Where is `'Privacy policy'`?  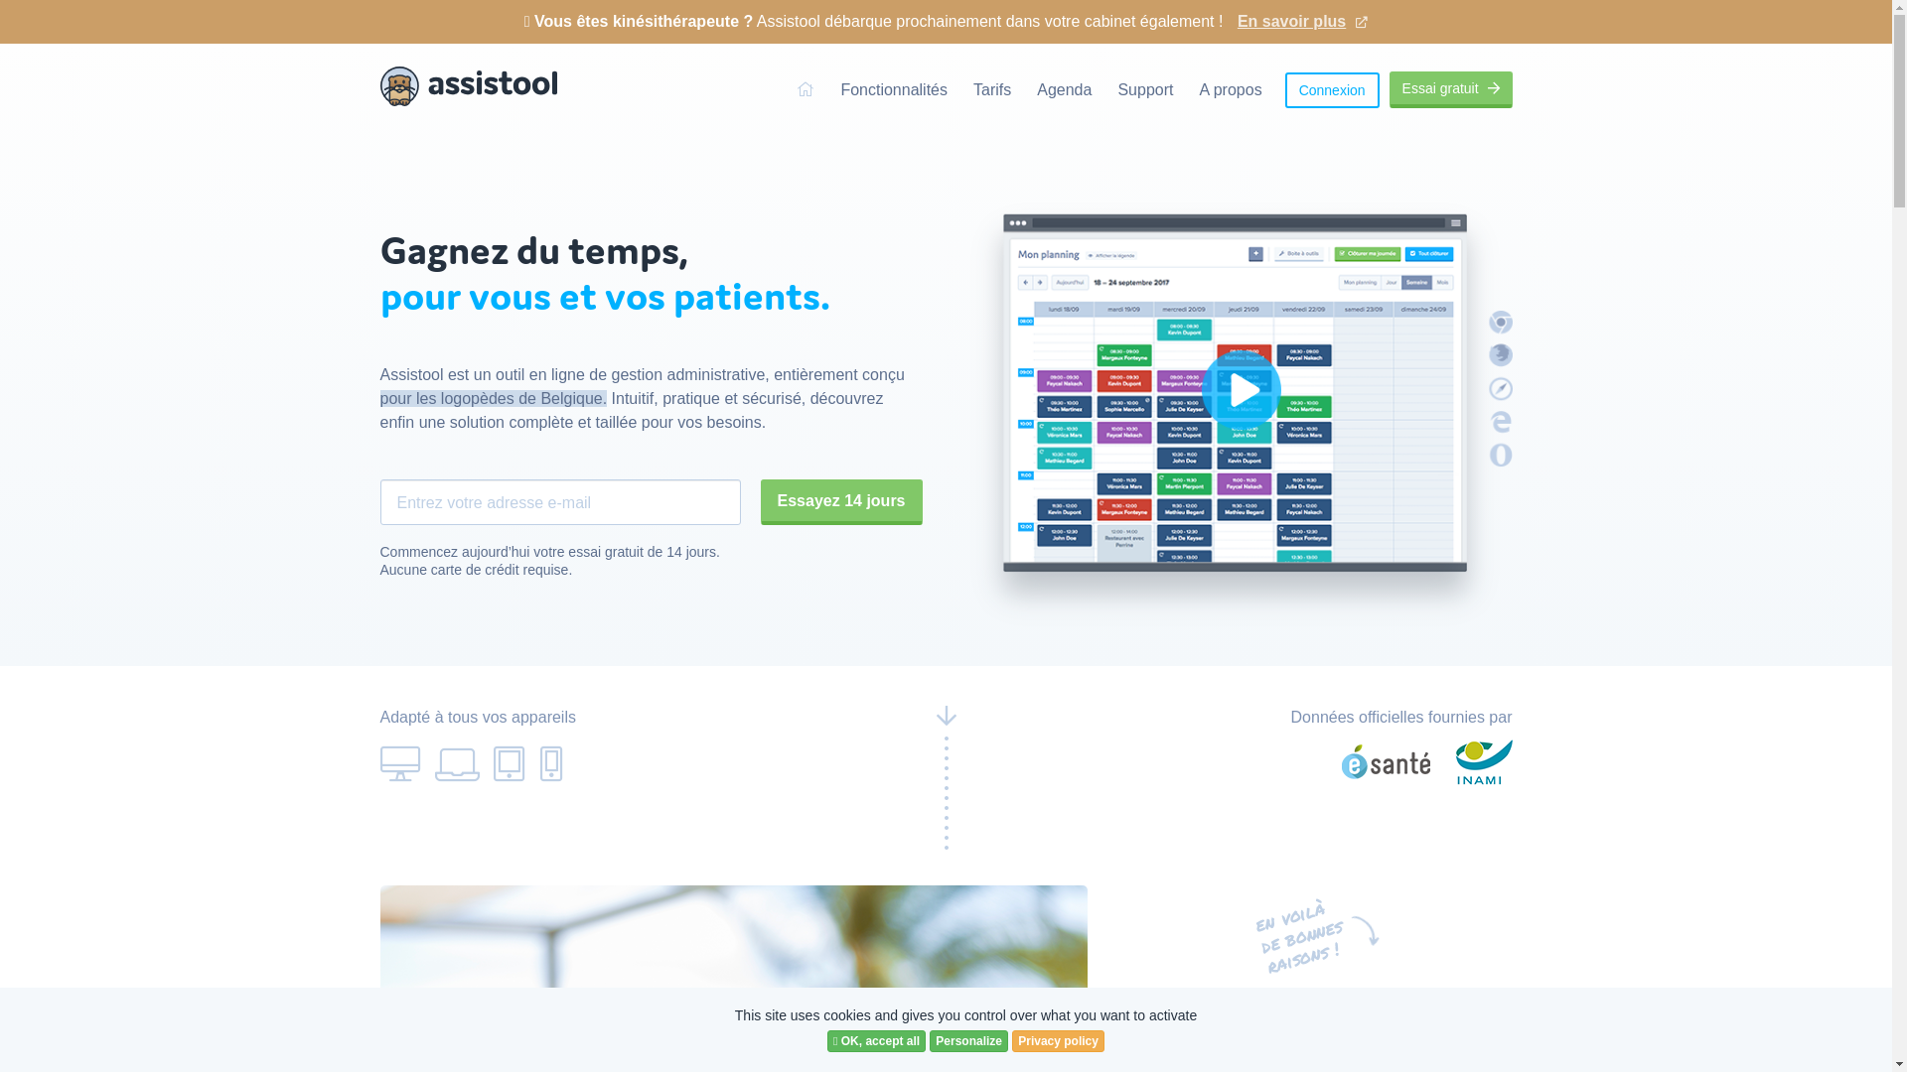 'Privacy policy' is located at coordinates (1057, 1040).